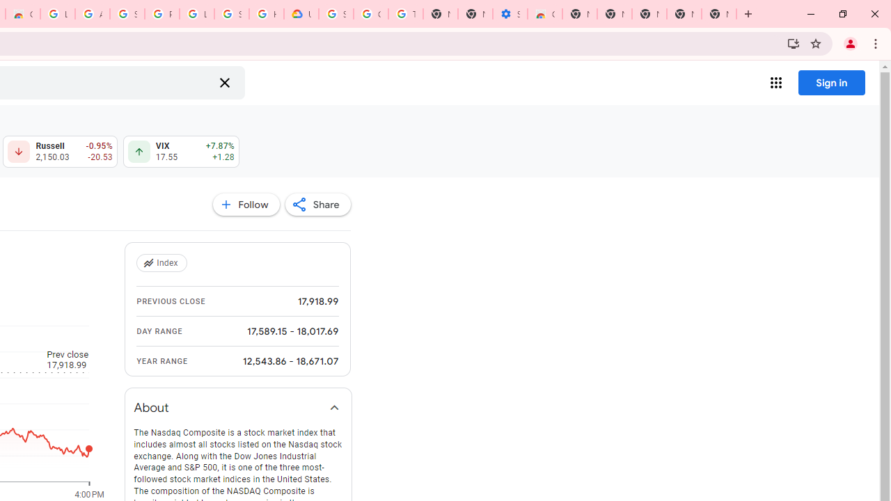 The image size is (891, 501). Describe the element at coordinates (831, 82) in the screenshot. I see `'Sign in'` at that location.